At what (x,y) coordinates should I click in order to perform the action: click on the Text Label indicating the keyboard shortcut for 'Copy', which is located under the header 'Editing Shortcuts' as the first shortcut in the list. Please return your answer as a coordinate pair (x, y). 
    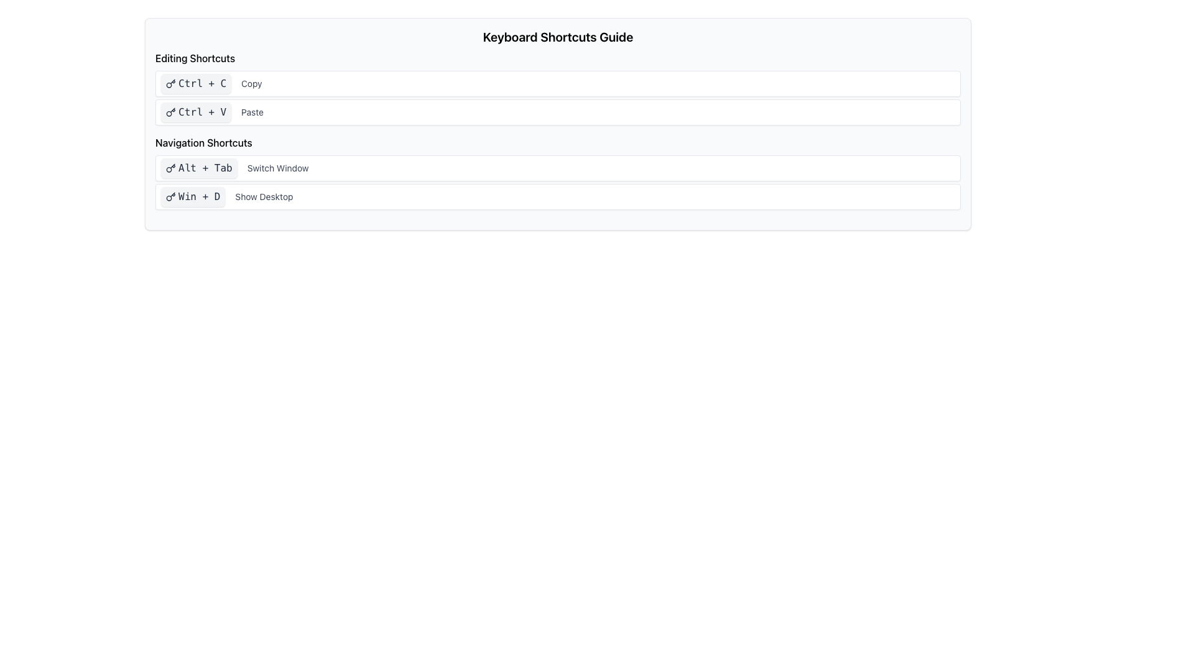
    Looking at the image, I should click on (202, 84).